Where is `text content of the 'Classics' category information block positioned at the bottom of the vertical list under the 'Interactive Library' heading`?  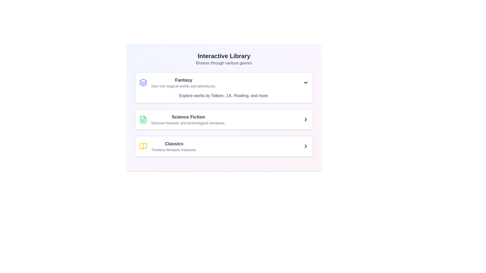
text content of the 'Classics' category information block positioned at the bottom of the vertical list under the 'Interactive Library' heading is located at coordinates (174, 146).